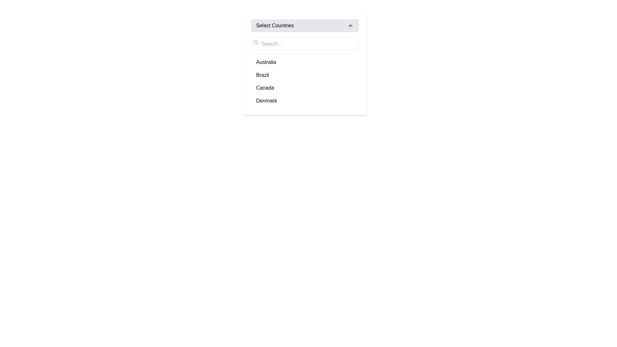  I want to click on the second item 'Australia' in the drop-down menu 'Select Countries', so click(305, 63).